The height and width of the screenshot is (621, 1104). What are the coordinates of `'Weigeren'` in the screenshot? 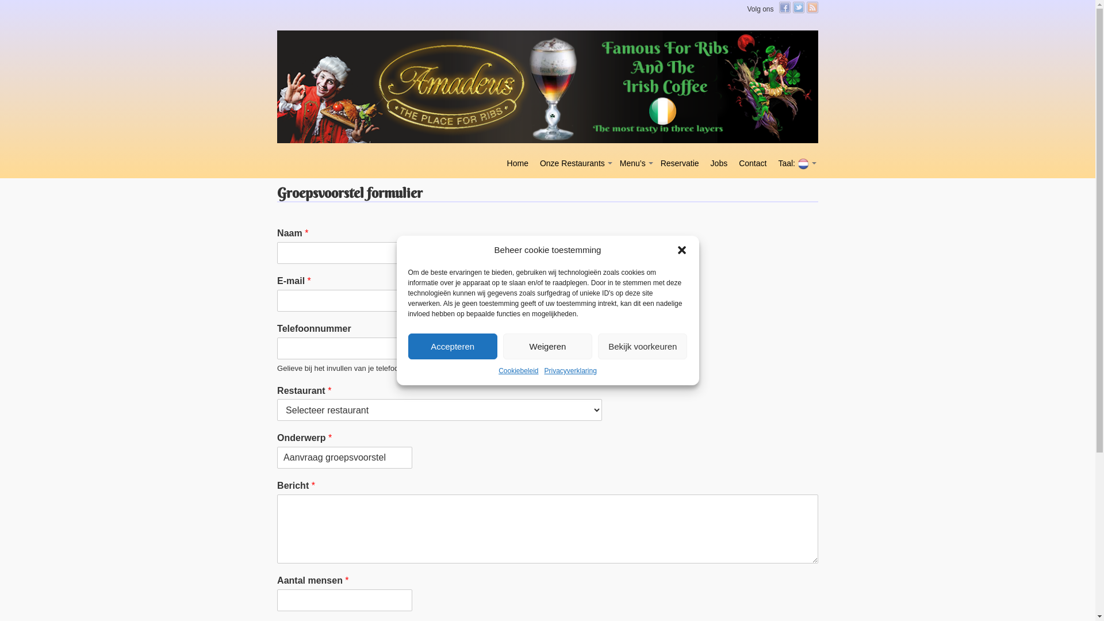 It's located at (547, 346).